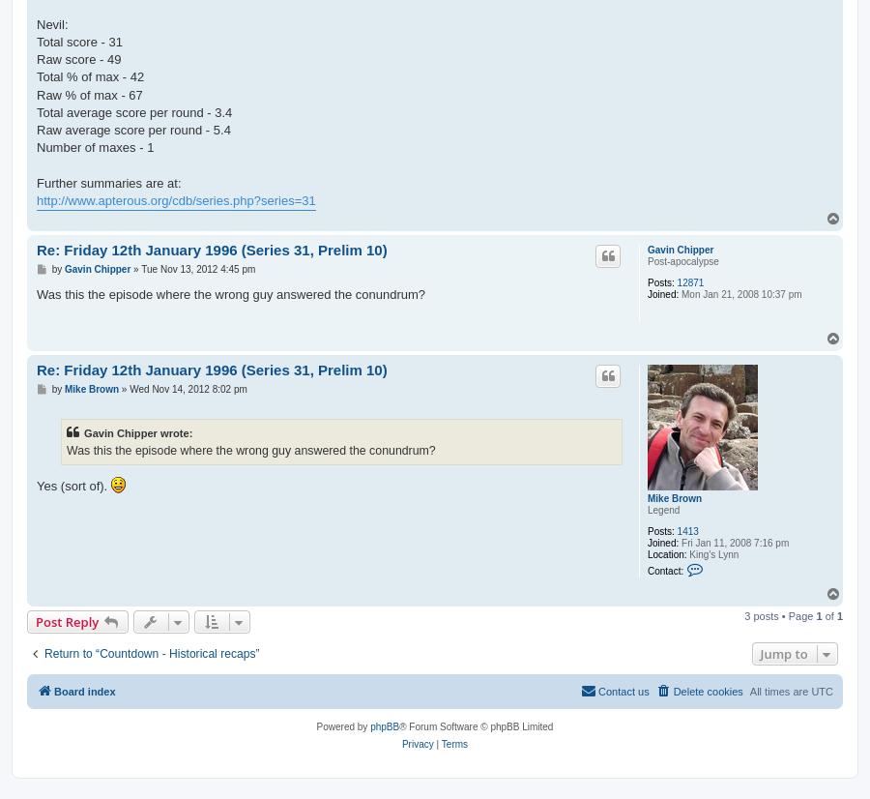 This screenshot has height=799, width=870. I want to click on 'Fri Jan 11, 2008 7:16 pm', so click(732, 542).